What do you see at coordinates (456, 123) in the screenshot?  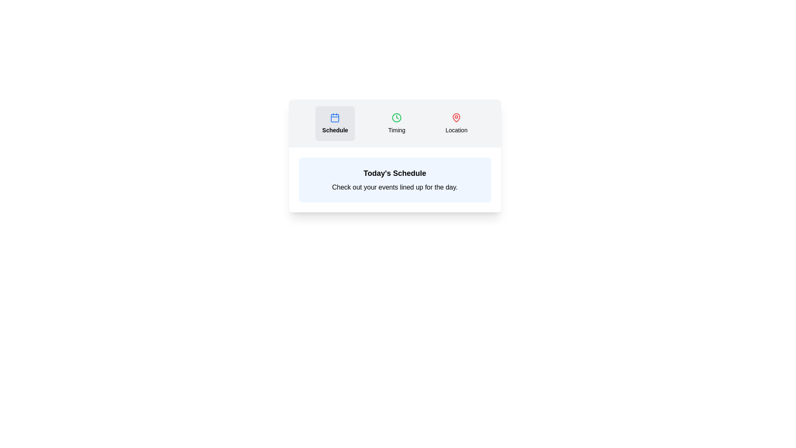 I see `the tab button labeled Location` at bounding box center [456, 123].